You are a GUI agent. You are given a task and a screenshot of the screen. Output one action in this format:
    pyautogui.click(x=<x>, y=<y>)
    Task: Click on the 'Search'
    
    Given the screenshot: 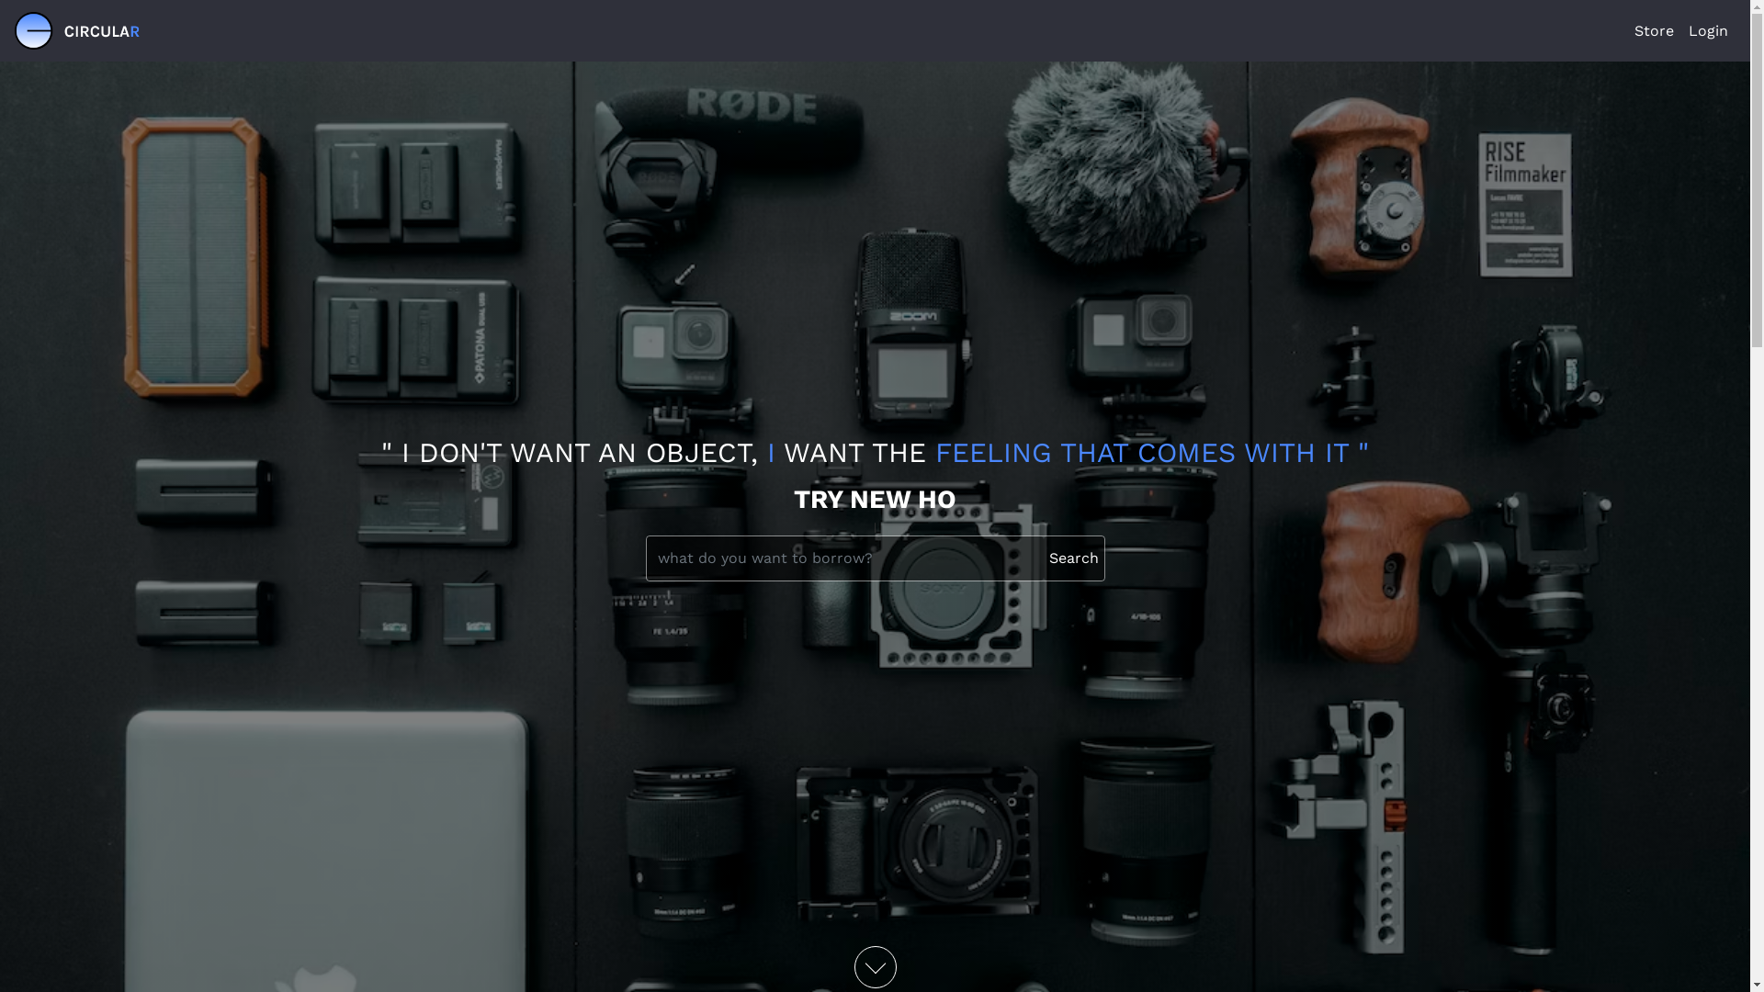 What is the action you would take?
    pyautogui.click(x=1074, y=558)
    